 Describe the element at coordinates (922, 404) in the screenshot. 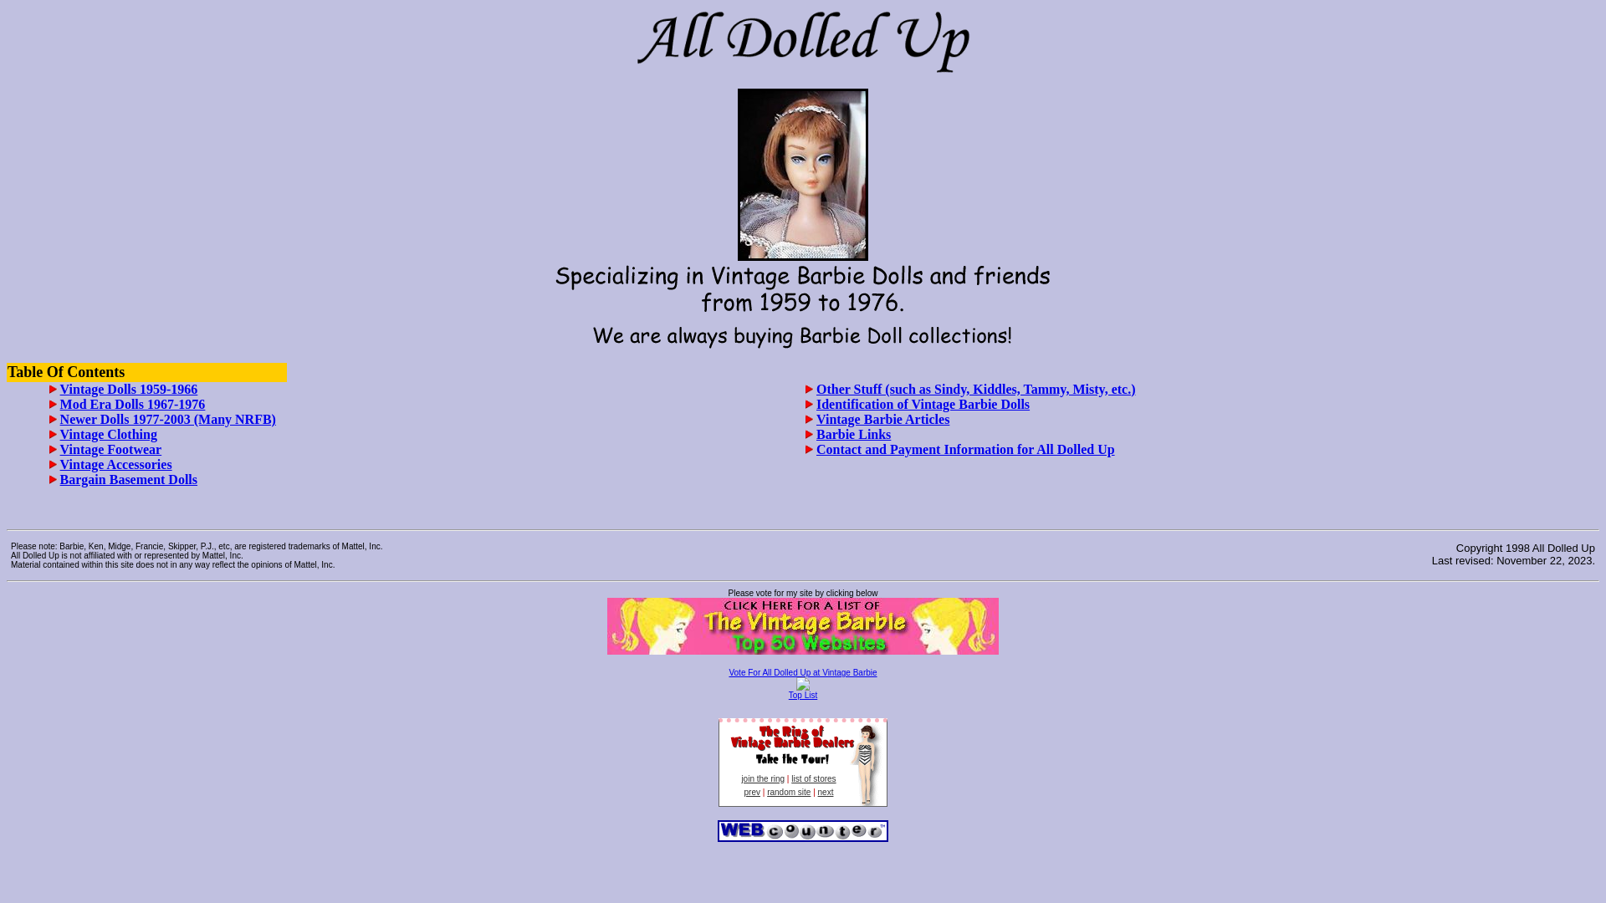

I see `'Identification of Vintage Barbie Dolls'` at that location.